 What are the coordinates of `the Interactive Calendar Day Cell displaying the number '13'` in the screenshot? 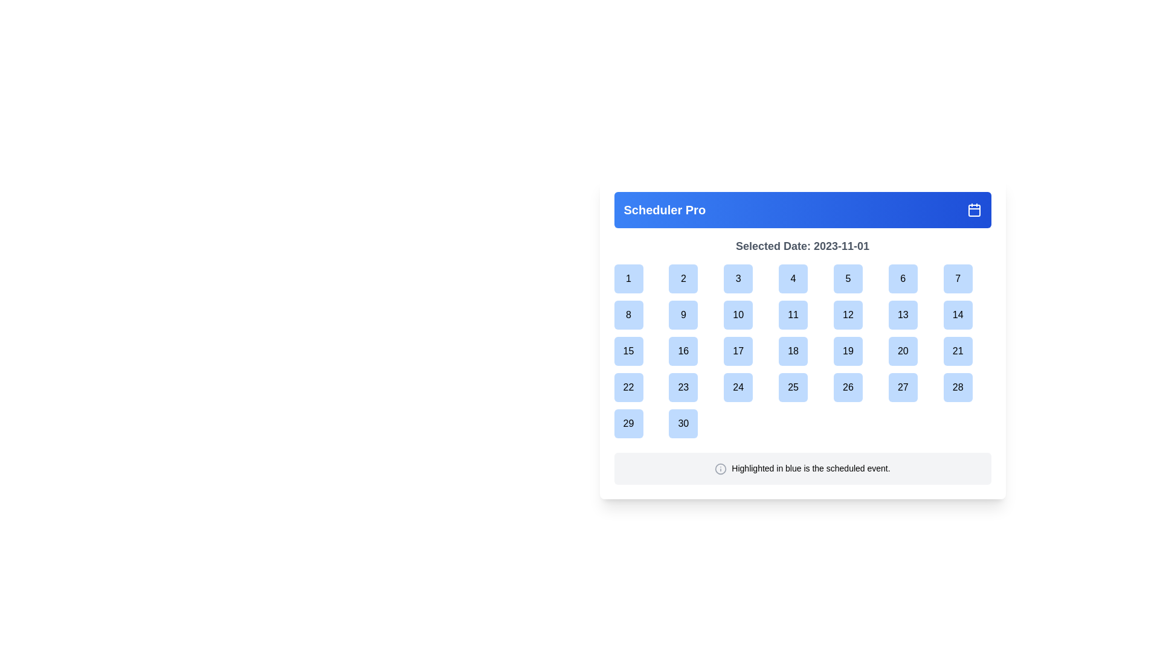 It's located at (903, 314).